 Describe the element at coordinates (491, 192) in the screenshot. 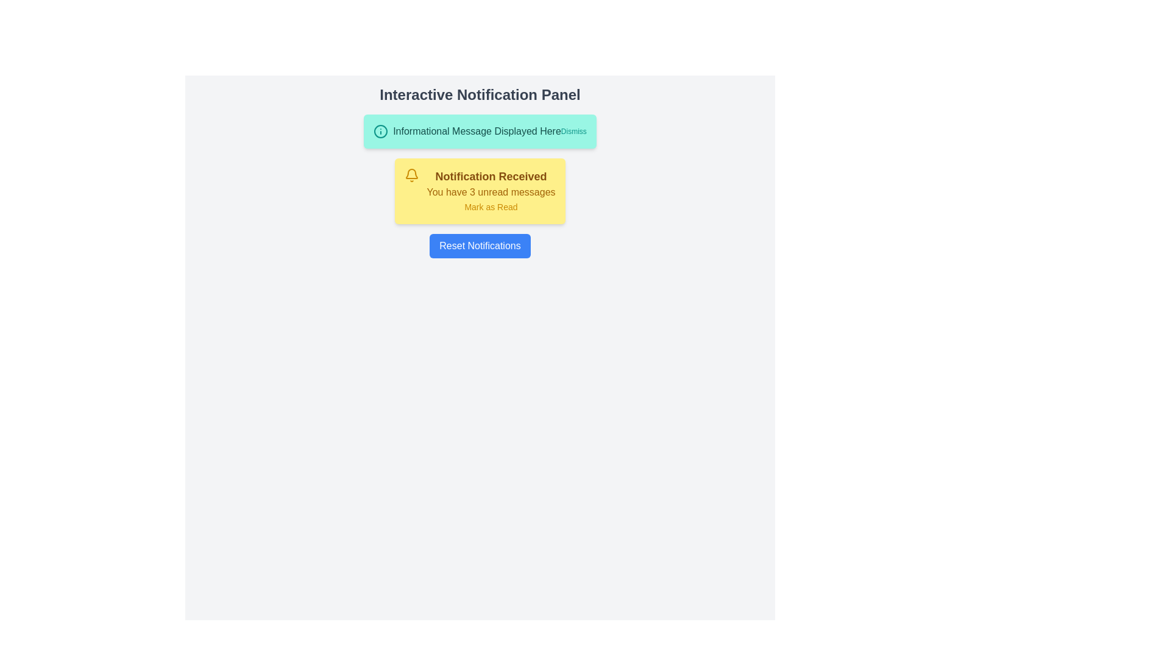

I see `the text element displaying 'You have 3 unread messages', which is styled in bold yellow font and located in the center of the yellow notification card` at that location.